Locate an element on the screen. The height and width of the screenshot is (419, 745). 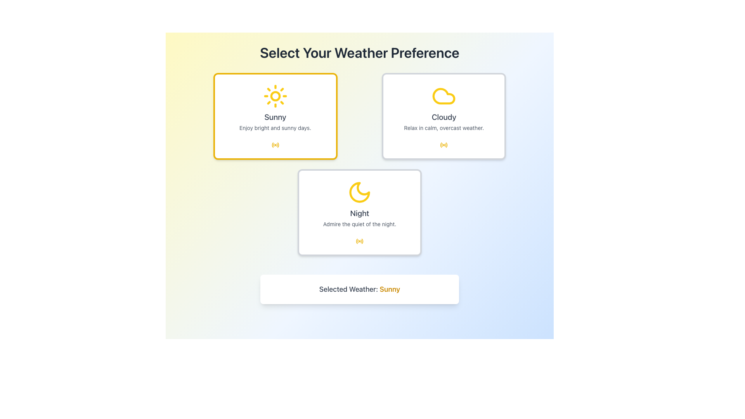
the sun-shaped icon with rays, styled in yellow, located on the white card with a yellow border, positioned above the text 'Sunny' and 'Enjoy bright and sunny days.' is located at coordinates (275, 95).